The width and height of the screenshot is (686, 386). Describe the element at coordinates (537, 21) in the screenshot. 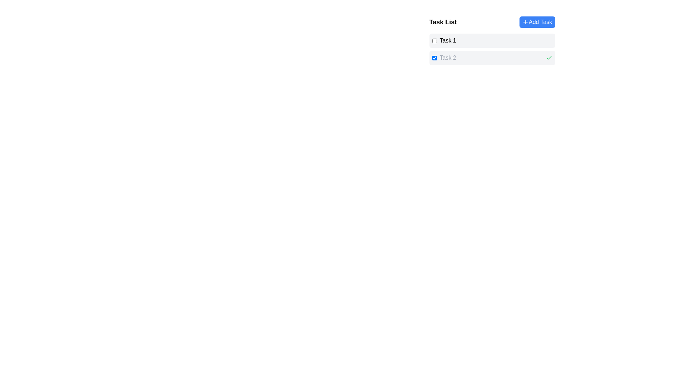

I see `the blue rectangular 'Add Task' button with a white plus icon located at the far-right of the 'Task List' header` at that location.